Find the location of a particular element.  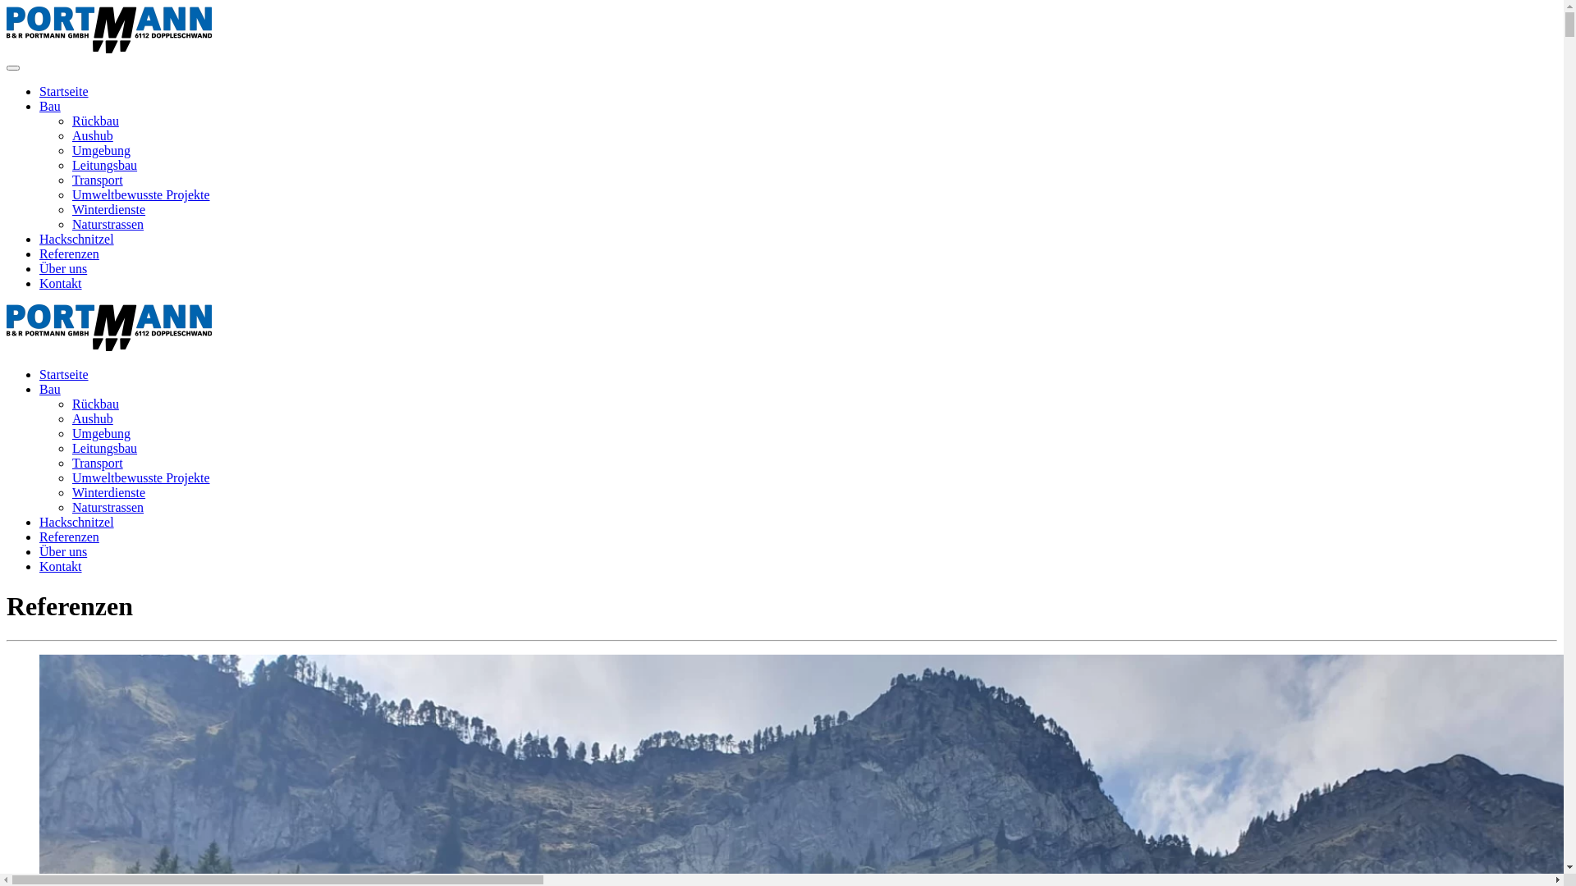

'Bau' is located at coordinates (50, 389).